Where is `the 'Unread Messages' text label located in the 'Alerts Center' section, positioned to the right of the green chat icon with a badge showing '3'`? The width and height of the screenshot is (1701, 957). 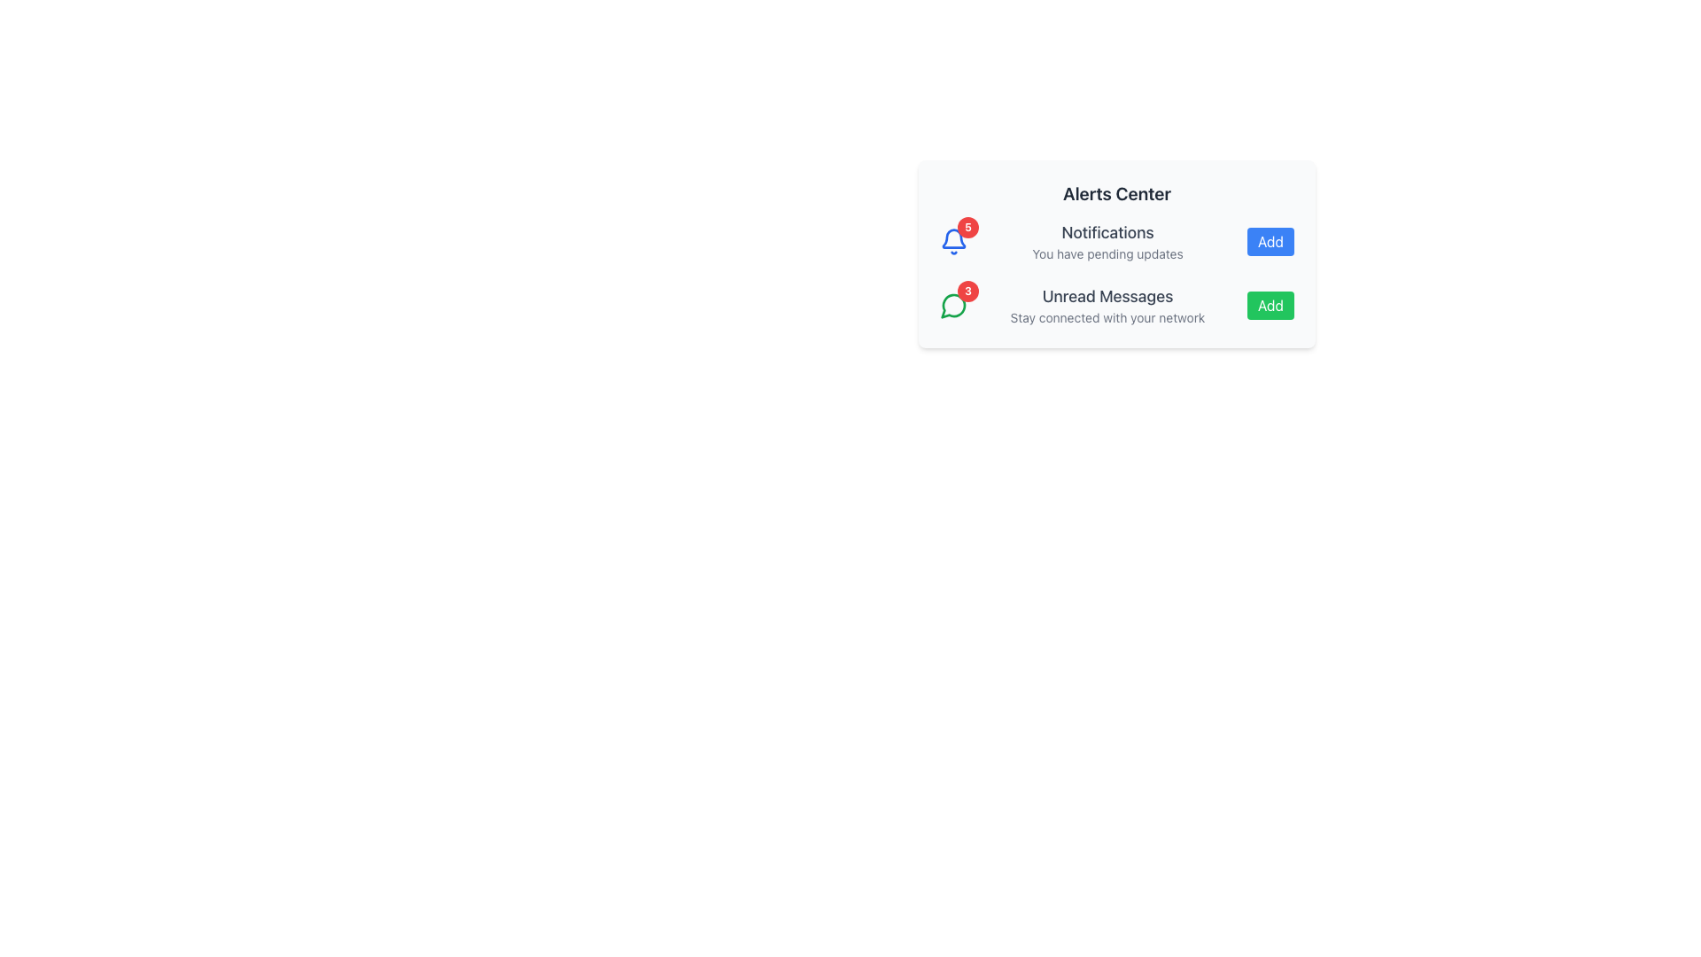
the 'Unread Messages' text label located in the 'Alerts Center' section, positioned to the right of the green chat icon with a badge showing '3' is located at coordinates (1107, 296).